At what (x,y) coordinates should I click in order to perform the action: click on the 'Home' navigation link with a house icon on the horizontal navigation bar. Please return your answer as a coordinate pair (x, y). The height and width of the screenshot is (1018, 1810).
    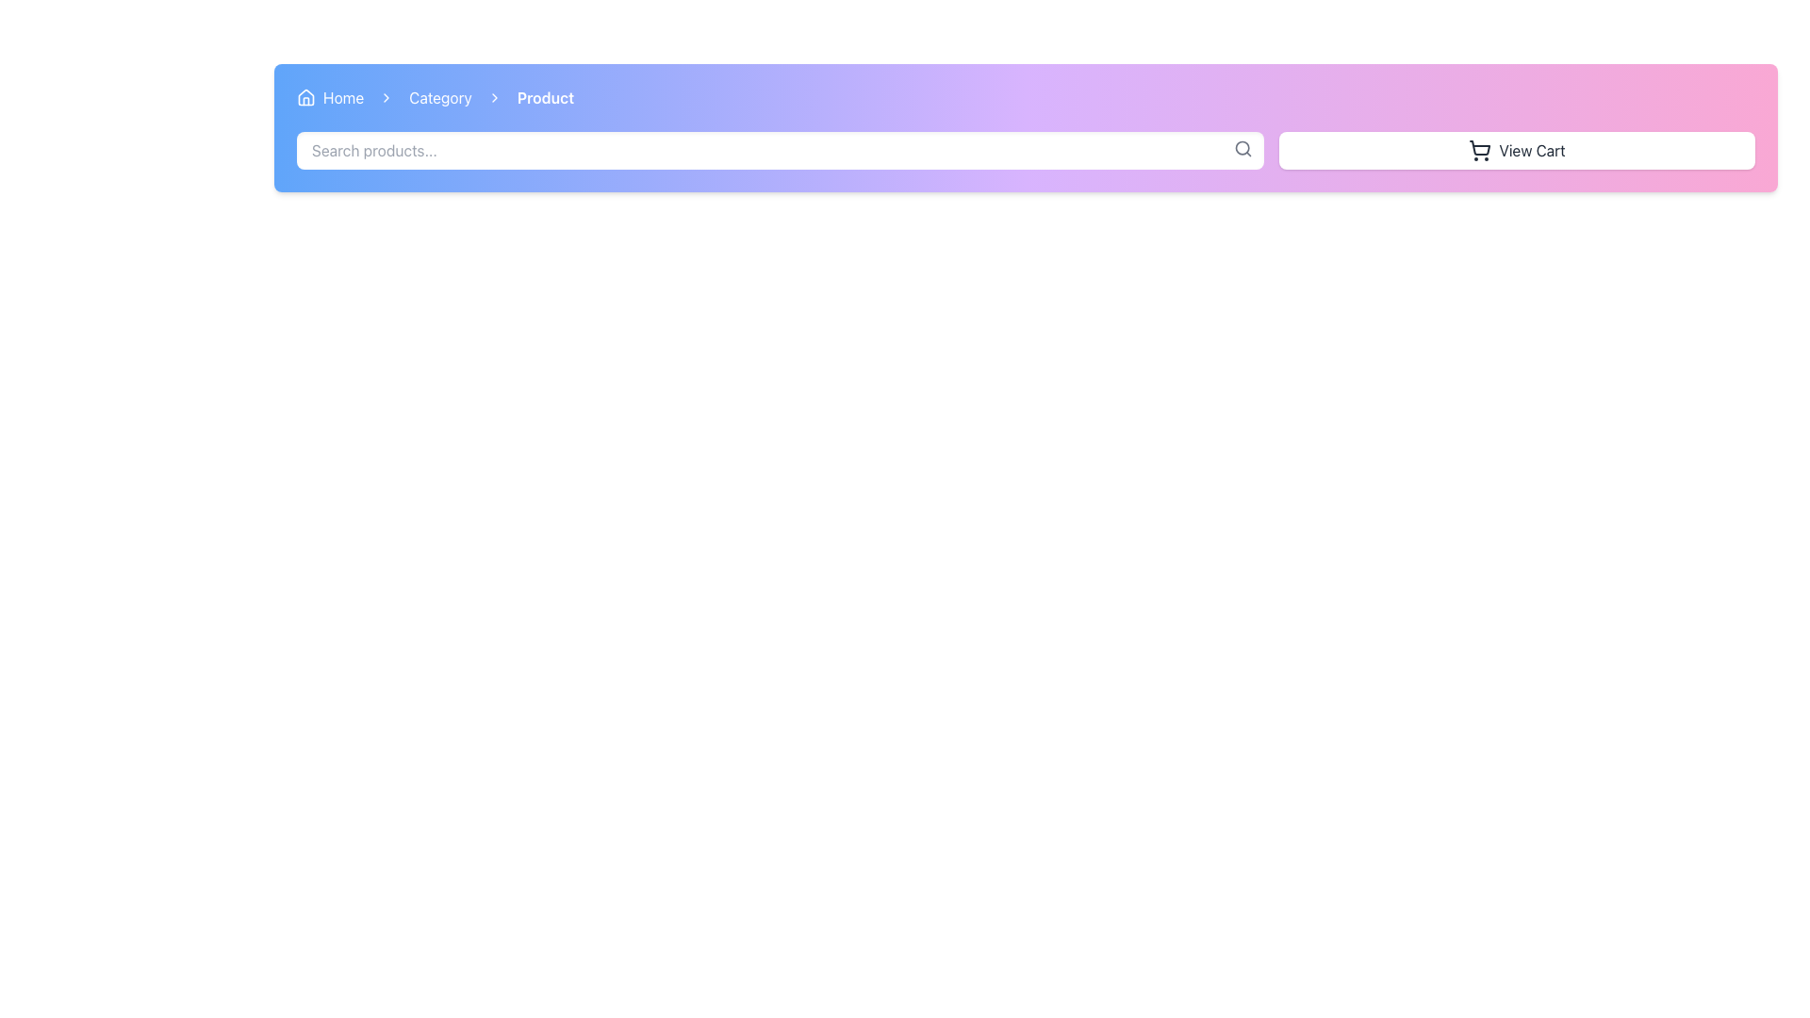
    Looking at the image, I should click on (330, 98).